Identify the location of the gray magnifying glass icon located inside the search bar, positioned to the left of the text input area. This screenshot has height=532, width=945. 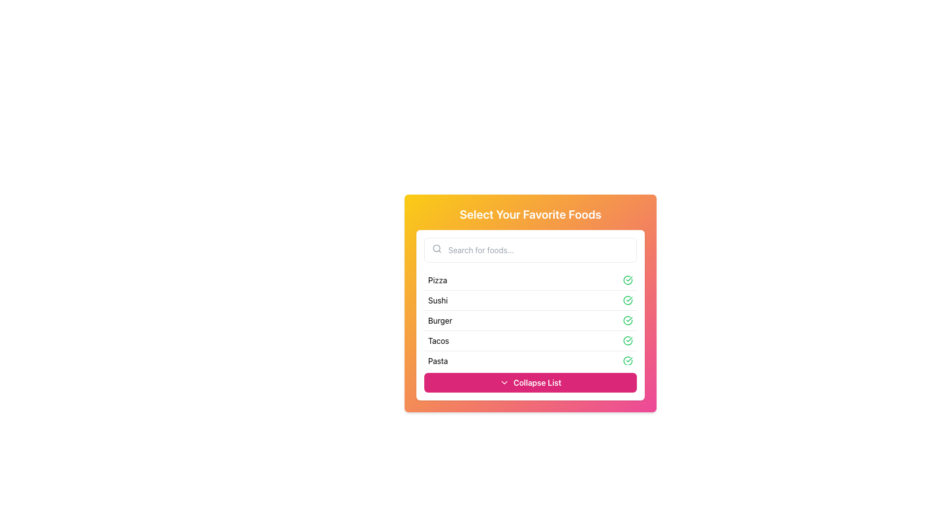
(437, 248).